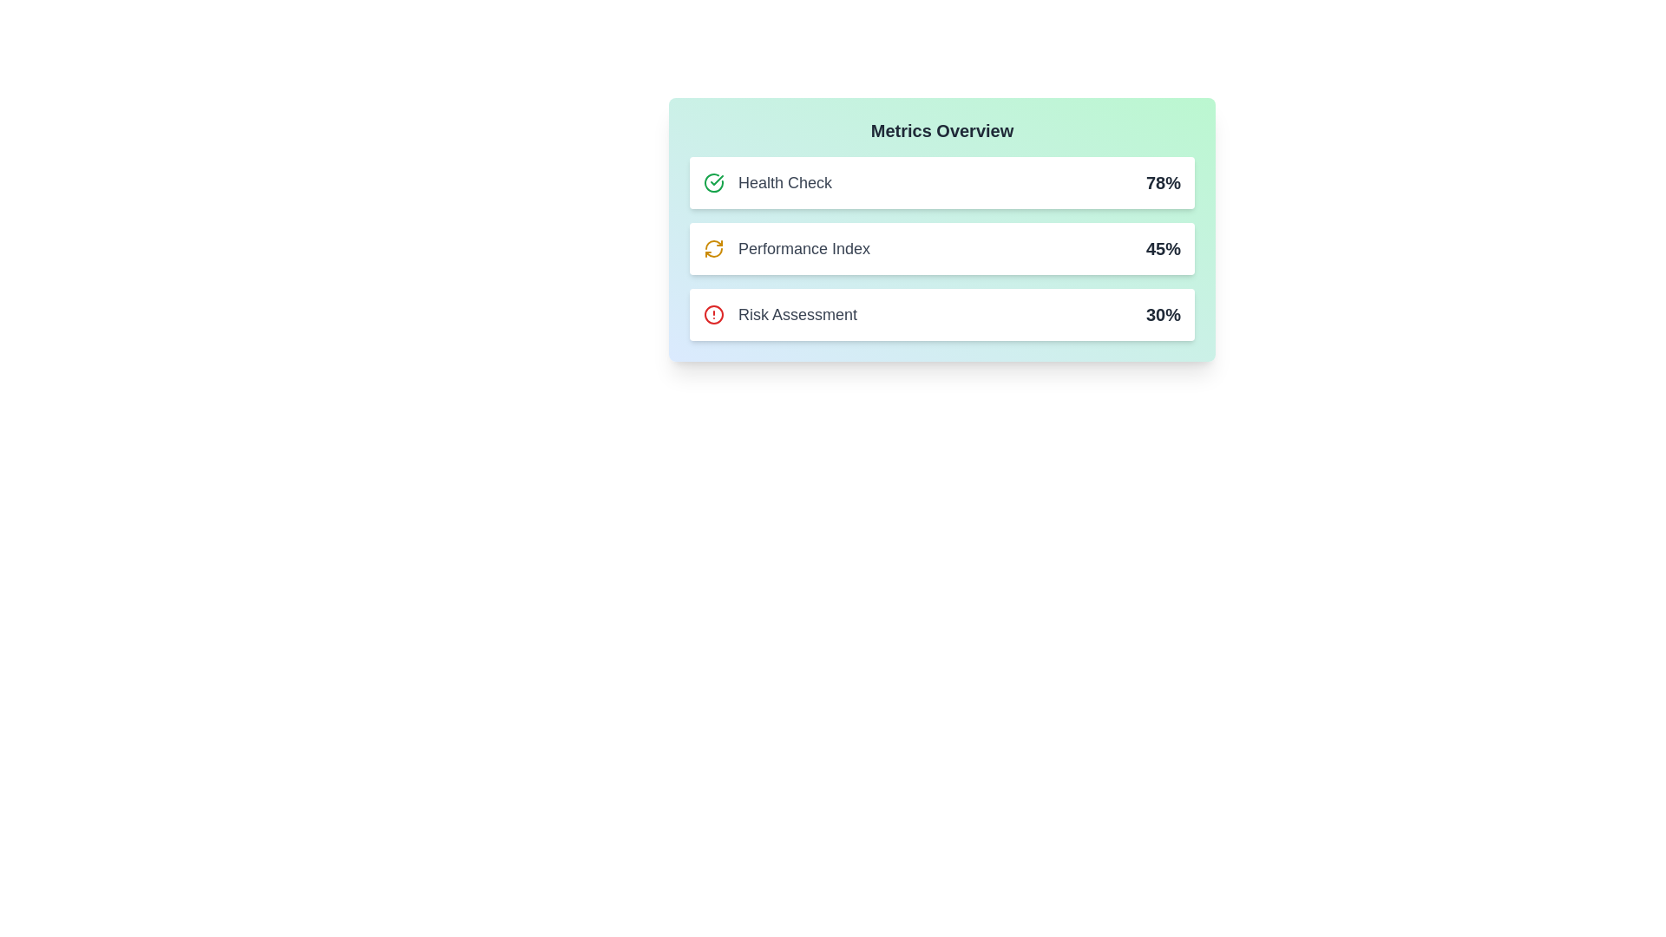 The height and width of the screenshot is (937, 1666). Describe the element at coordinates (941, 314) in the screenshot. I see `the 'Risk Assessment' informational card located in the third row of the card group, positioned between the 'Performance Index' card and the empty space below it` at that location.